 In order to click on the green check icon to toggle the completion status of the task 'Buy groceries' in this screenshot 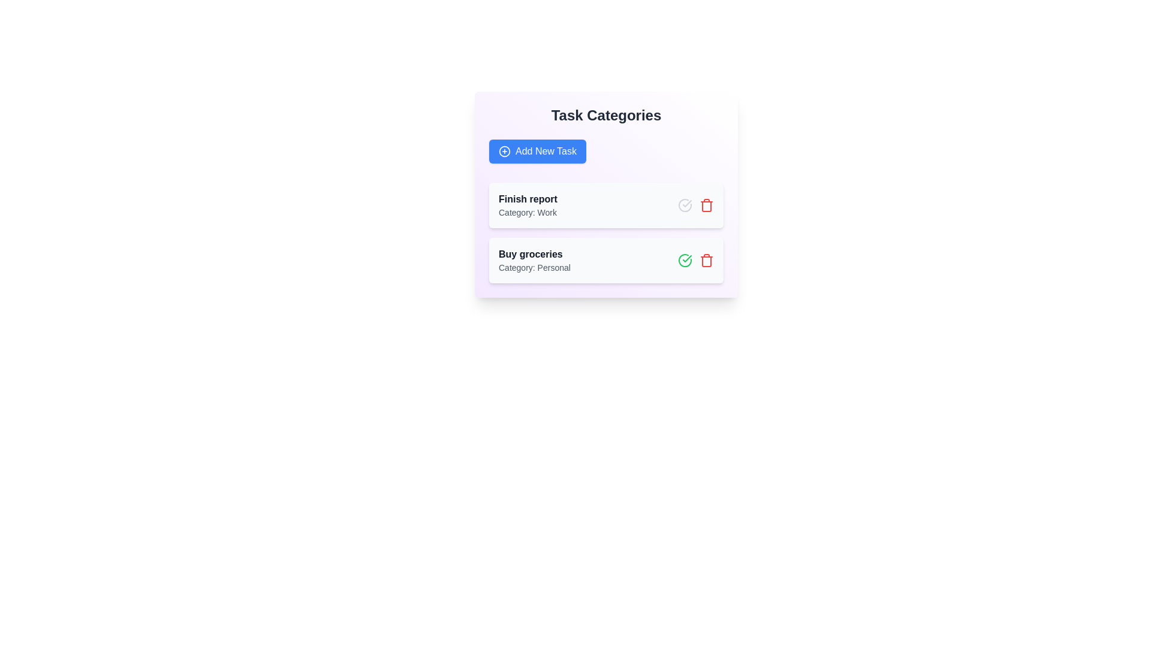, I will do `click(685, 260)`.